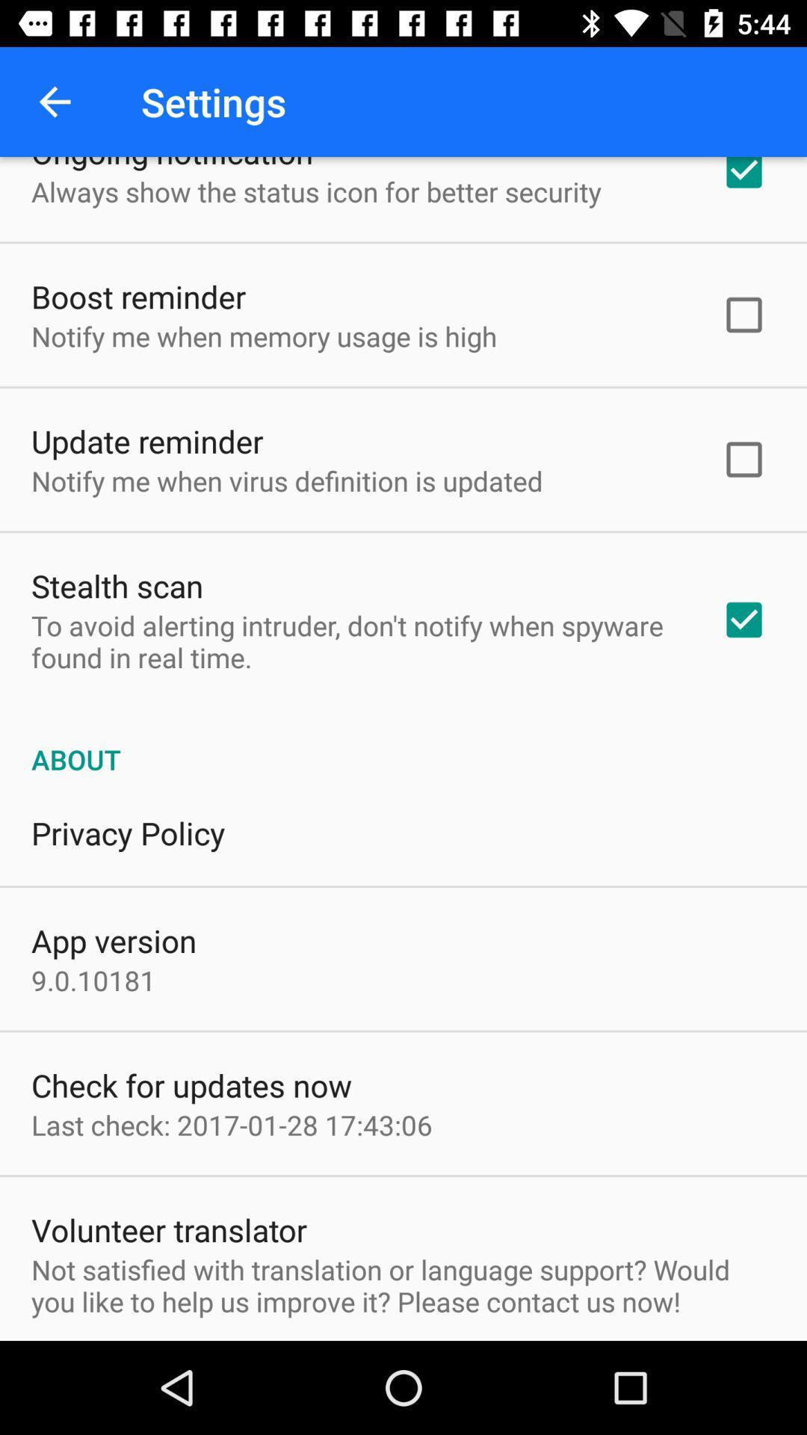 The width and height of the screenshot is (807, 1435). What do you see at coordinates (315, 191) in the screenshot?
I see `the always show the item` at bounding box center [315, 191].